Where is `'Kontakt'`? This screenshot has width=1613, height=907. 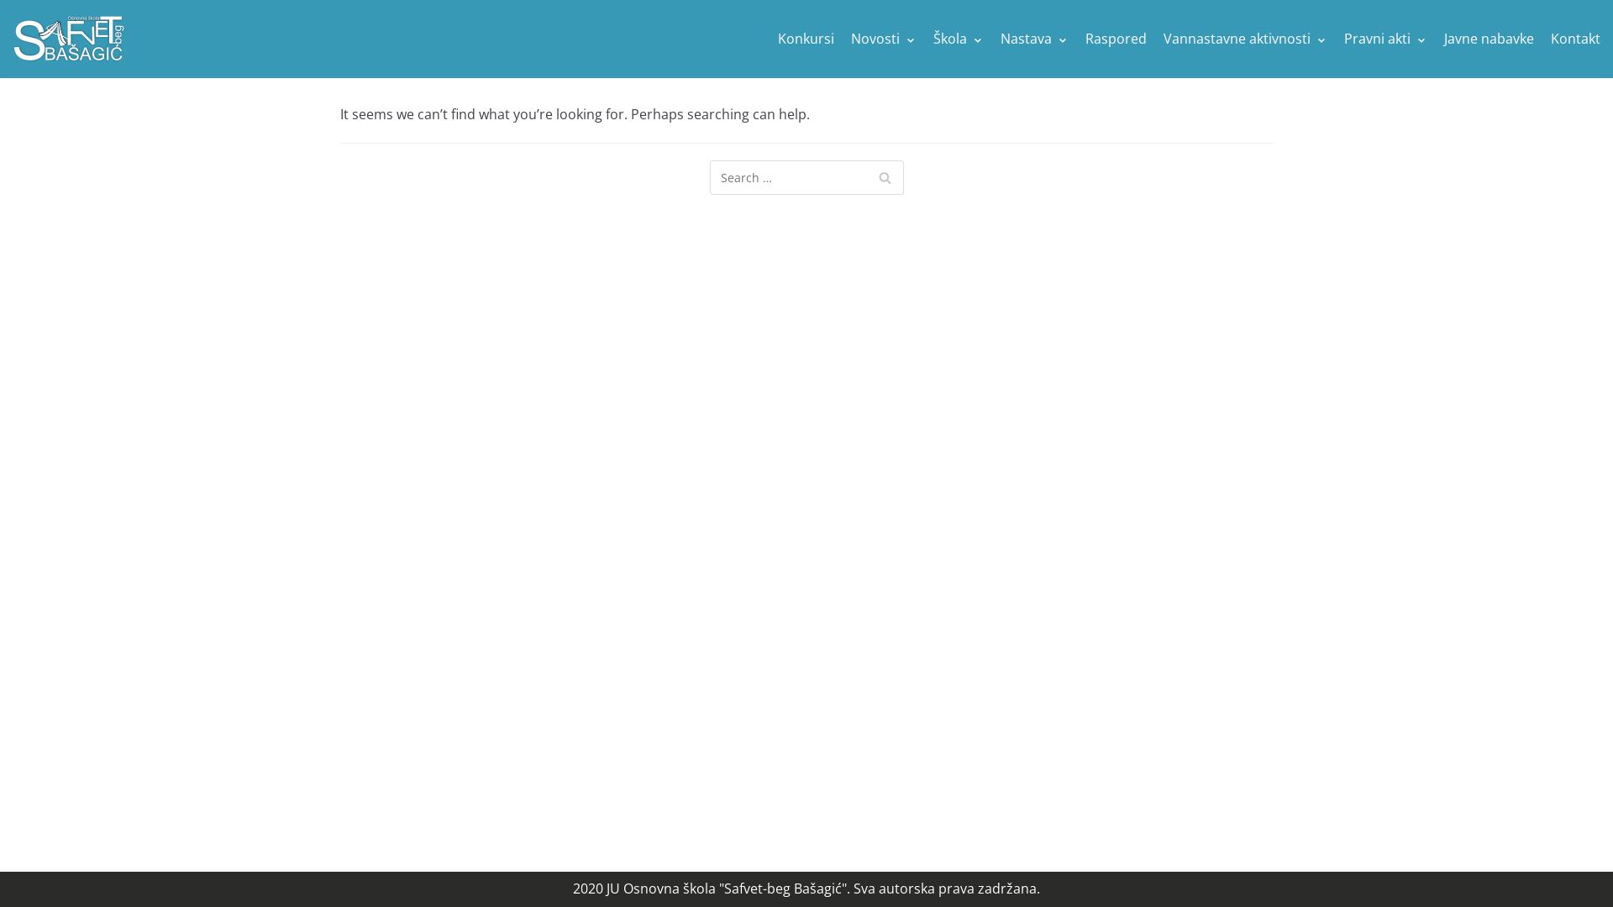
'Kontakt' is located at coordinates (1574, 38).